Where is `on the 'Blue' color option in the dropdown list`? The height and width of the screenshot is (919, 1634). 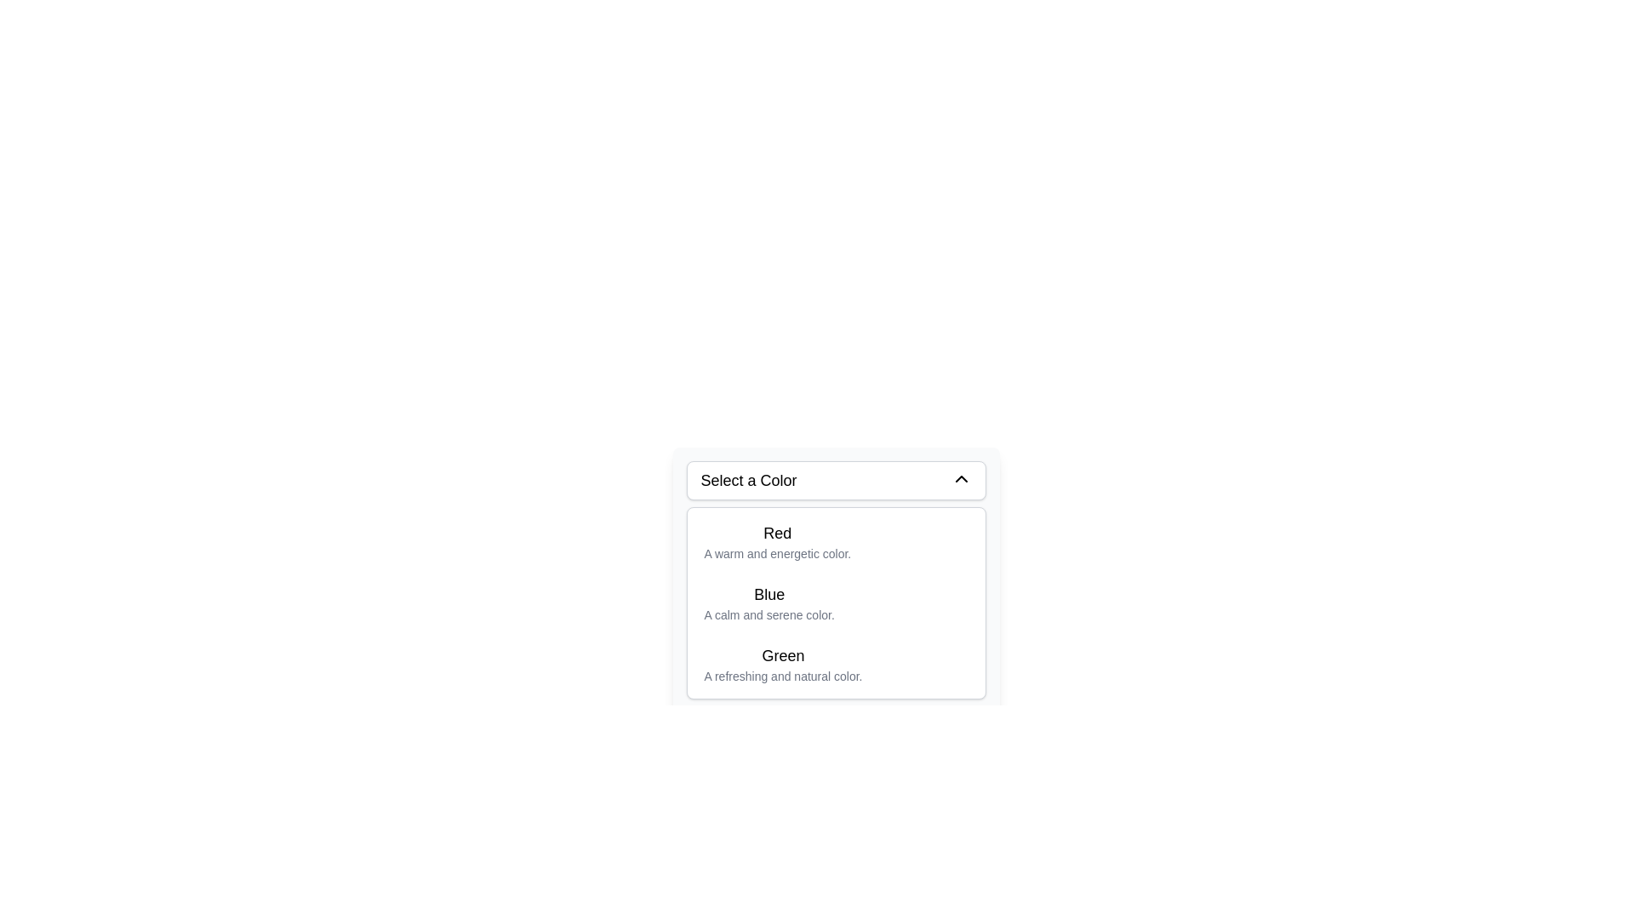
on the 'Blue' color option in the dropdown list is located at coordinates (768, 602).